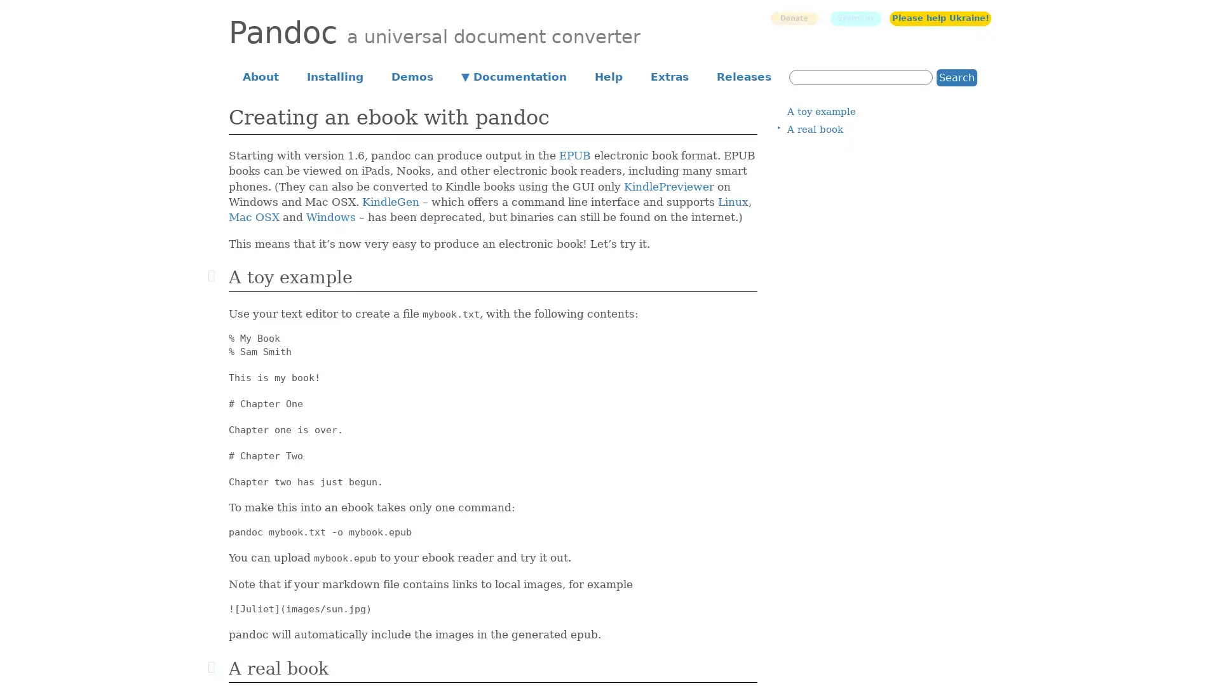 The height and width of the screenshot is (686, 1220). What do you see at coordinates (793, 18) in the screenshot?
I see `PayPal - The safer, easier way to pay online!` at bounding box center [793, 18].